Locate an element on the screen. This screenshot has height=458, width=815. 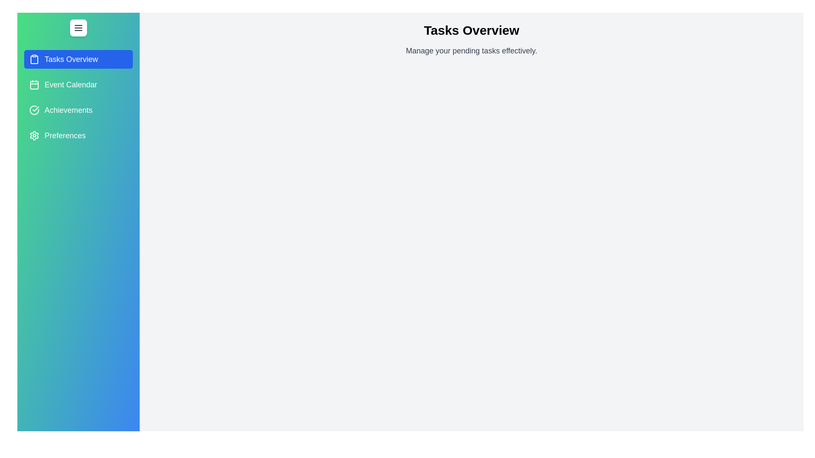
the tab Event Calendar to preview its interaction effects is located at coordinates (79, 85).